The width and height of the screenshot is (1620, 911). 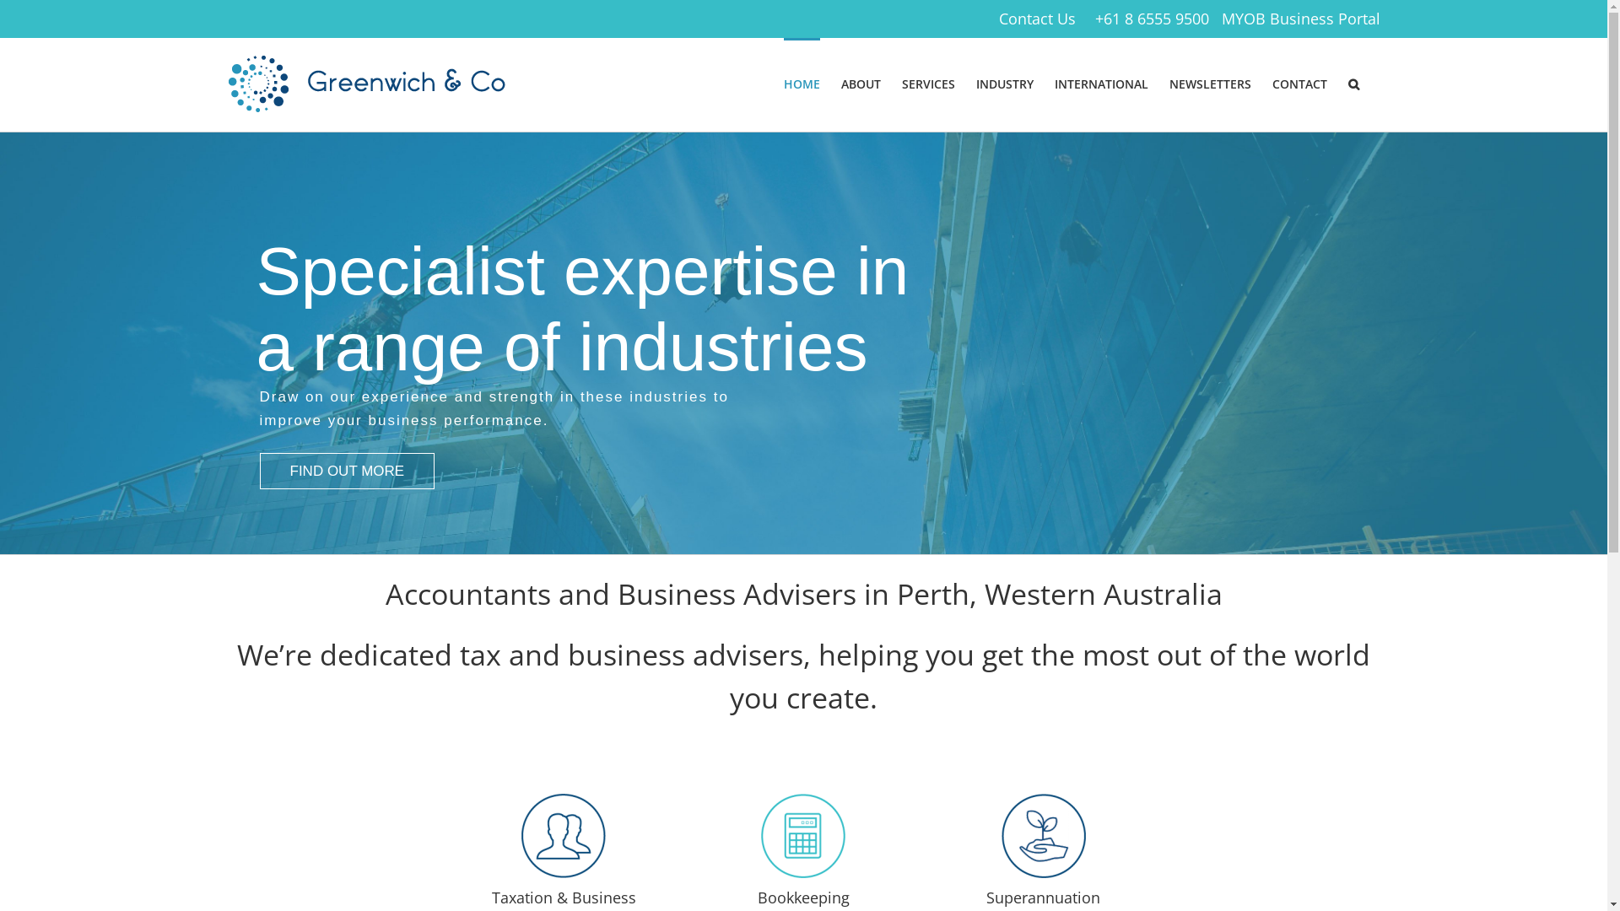 What do you see at coordinates (1004, 83) in the screenshot?
I see `'INDUSTRY'` at bounding box center [1004, 83].